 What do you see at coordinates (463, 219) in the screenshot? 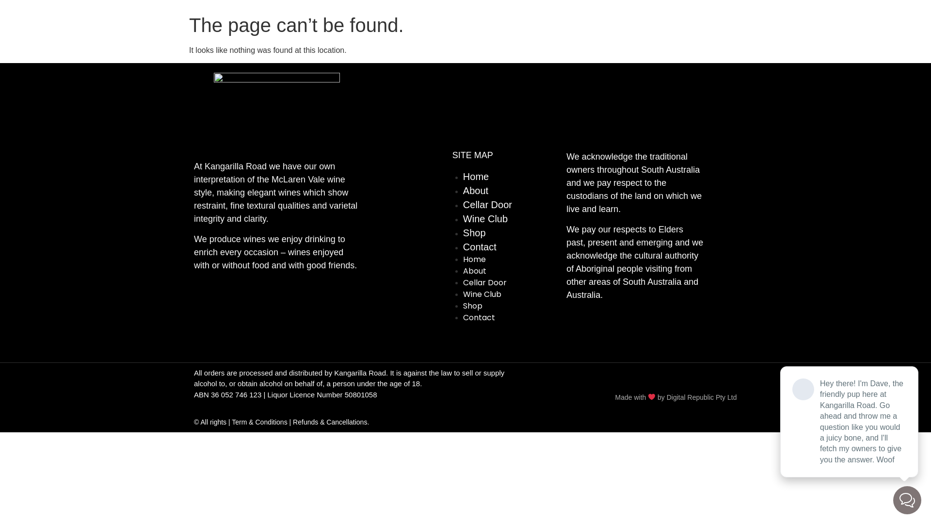
I see `'Wine Club'` at bounding box center [463, 219].